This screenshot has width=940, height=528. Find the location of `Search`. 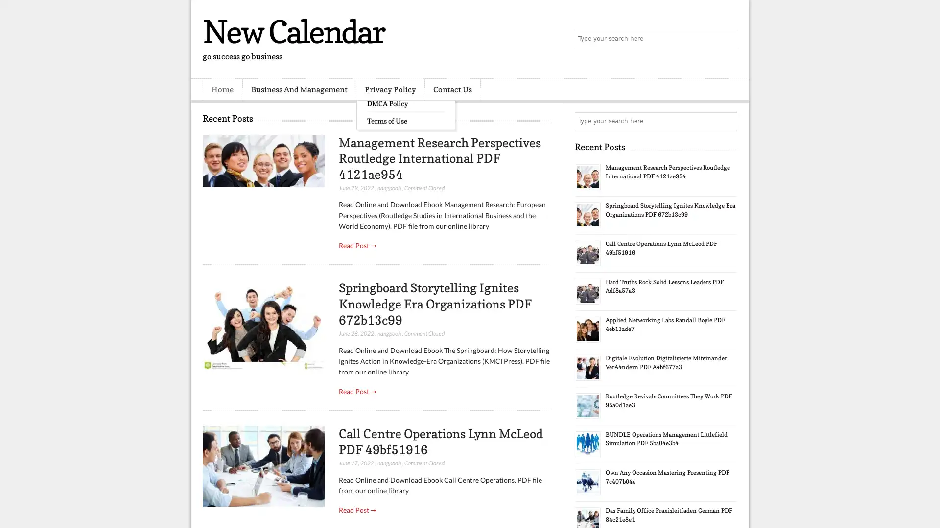

Search is located at coordinates (727, 121).